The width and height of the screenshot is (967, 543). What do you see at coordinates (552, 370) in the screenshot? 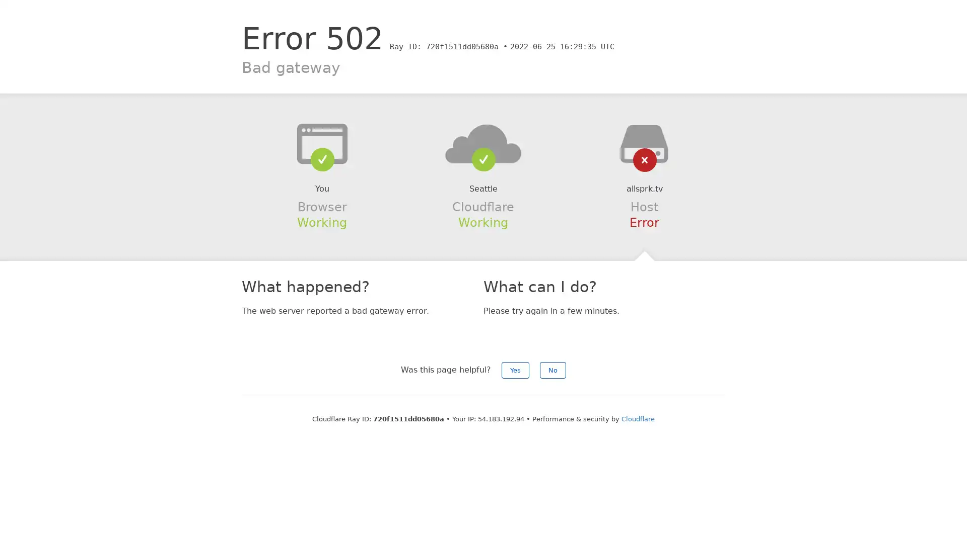
I see `No` at bounding box center [552, 370].